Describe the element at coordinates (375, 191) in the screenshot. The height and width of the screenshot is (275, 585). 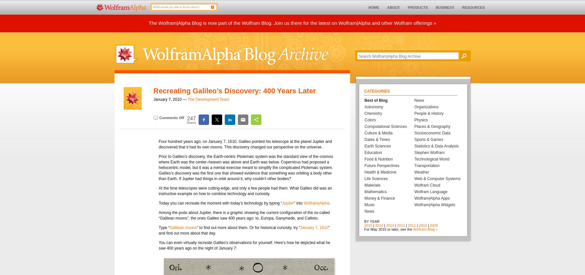
I see `'Mathematics'` at that location.